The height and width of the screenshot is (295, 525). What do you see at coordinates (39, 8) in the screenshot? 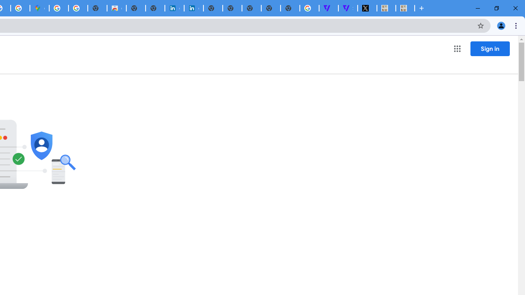
I see `'Google Maps'` at bounding box center [39, 8].